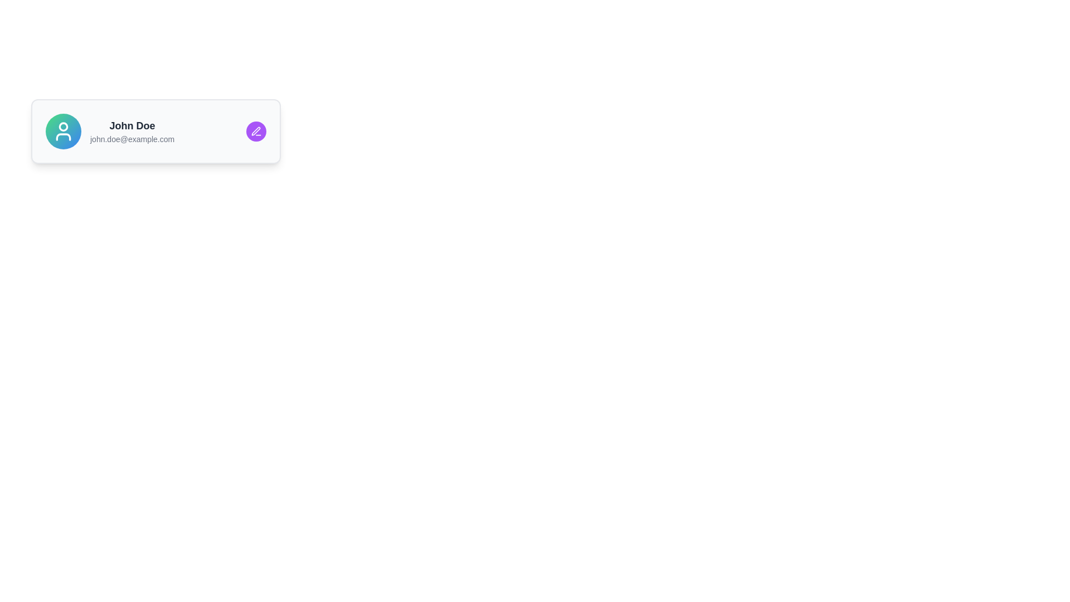  I want to click on the circular avatar icon with a gradient background and white user silhouette for accessibility, so click(63, 130).